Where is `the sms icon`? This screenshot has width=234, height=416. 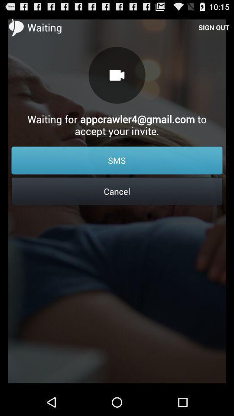
the sms icon is located at coordinates (117, 160).